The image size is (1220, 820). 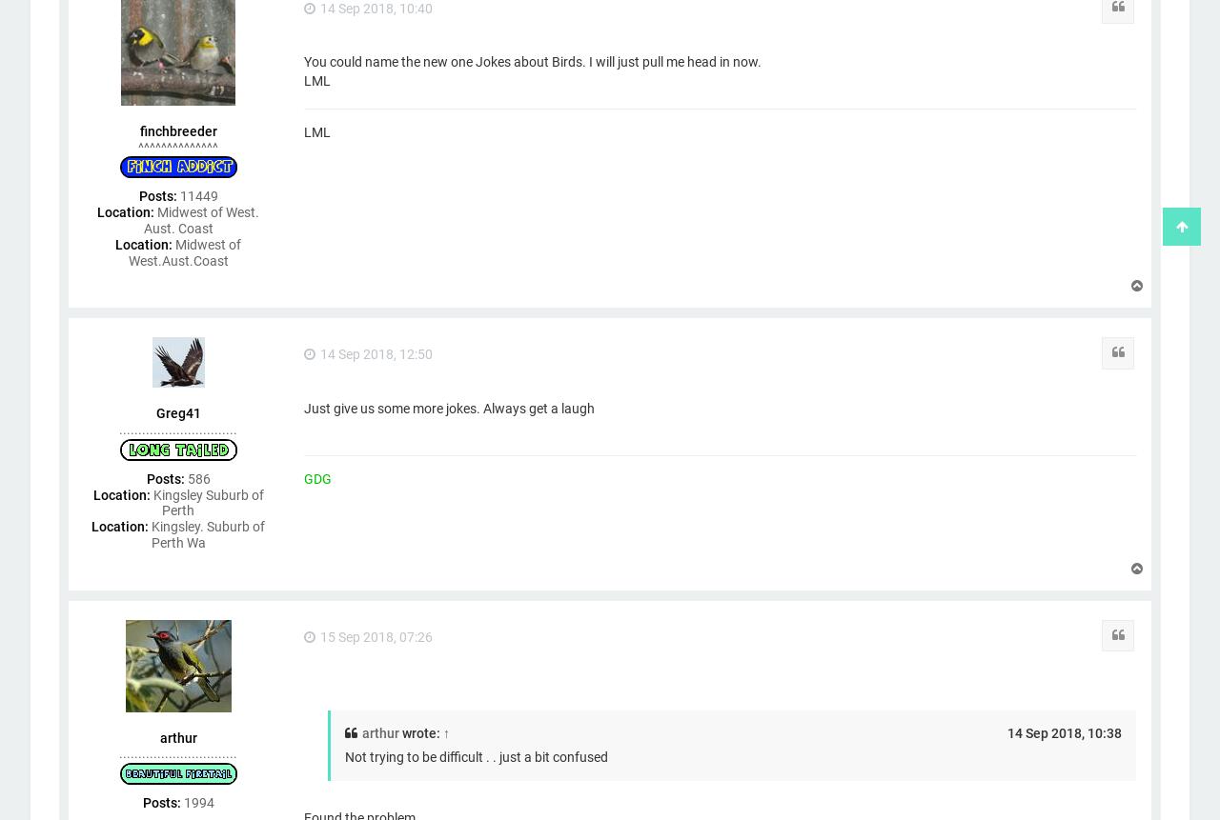 I want to click on '586', so click(x=196, y=477).